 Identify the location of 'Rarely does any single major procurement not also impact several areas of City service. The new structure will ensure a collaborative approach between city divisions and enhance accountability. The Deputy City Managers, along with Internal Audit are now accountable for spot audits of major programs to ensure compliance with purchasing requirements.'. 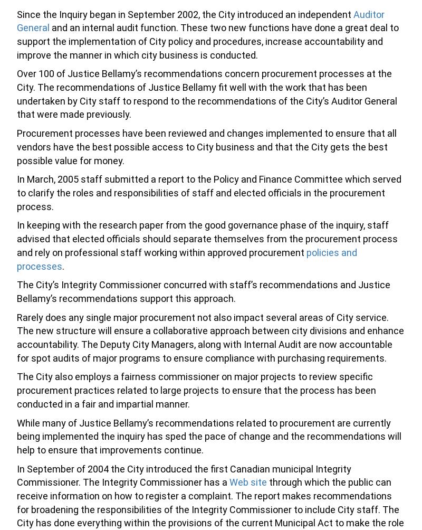
(210, 337).